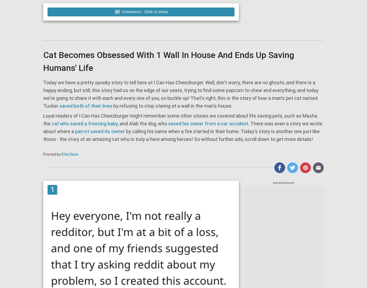 The height and width of the screenshot is (288, 367). I want to click on '1', so click(52, 189).